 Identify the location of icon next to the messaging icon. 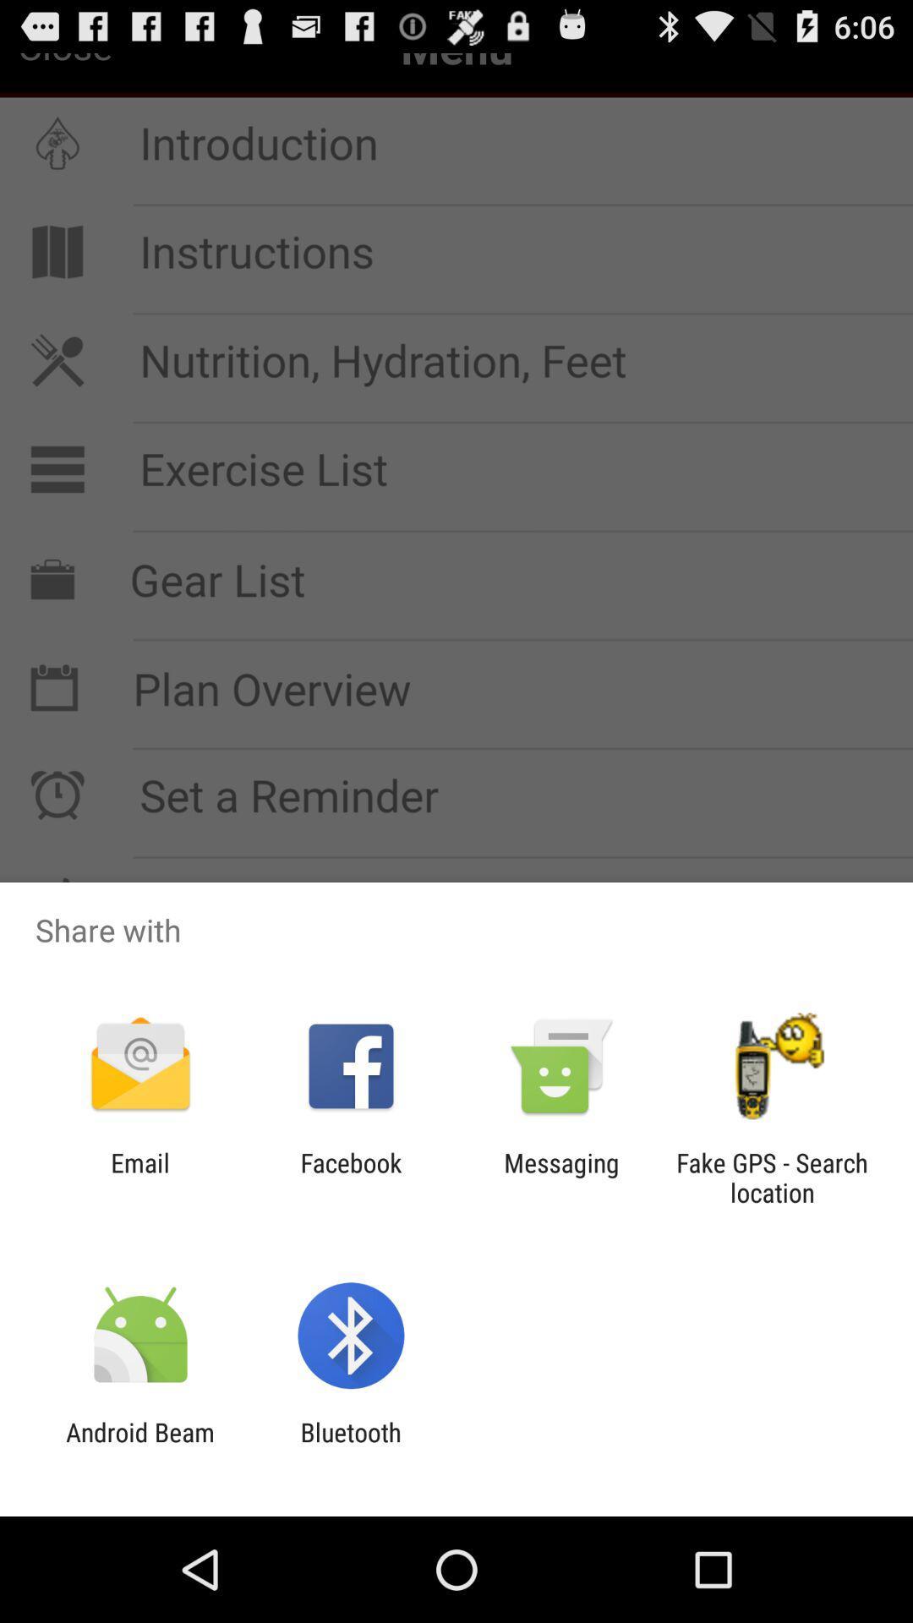
(350, 1177).